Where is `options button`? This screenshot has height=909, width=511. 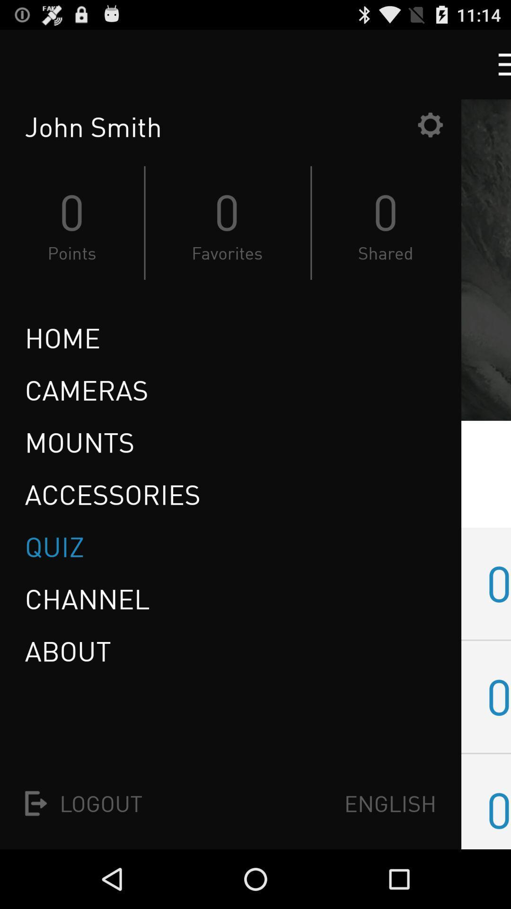 options button is located at coordinates (430, 124).